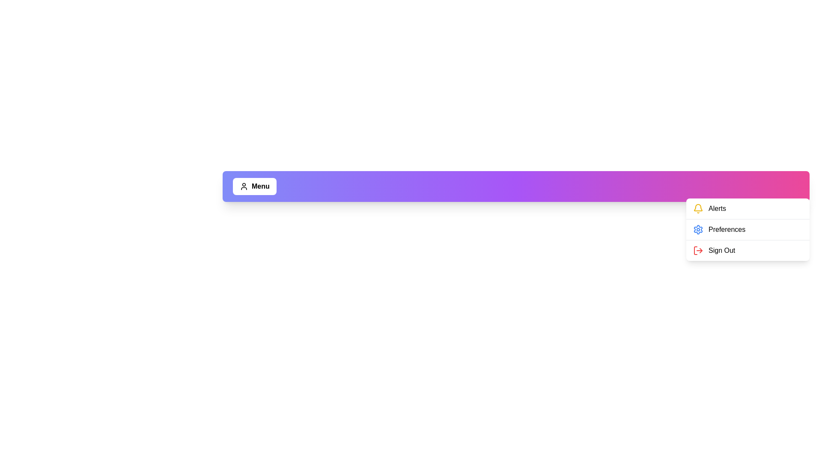  What do you see at coordinates (696, 229) in the screenshot?
I see `the menu option Preferences to perform its associated action` at bounding box center [696, 229].